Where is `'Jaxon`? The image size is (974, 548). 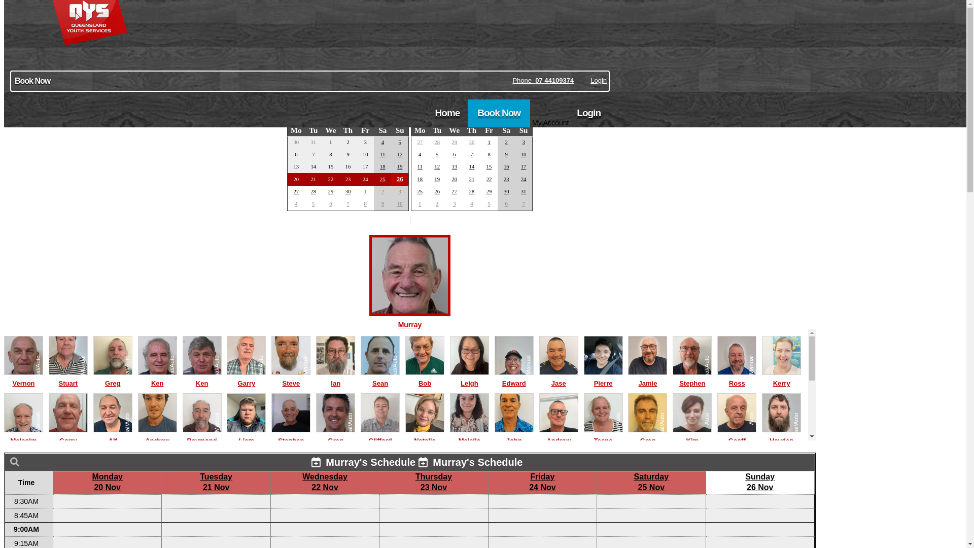
'Jaxon is located at coordinates (379, 492).